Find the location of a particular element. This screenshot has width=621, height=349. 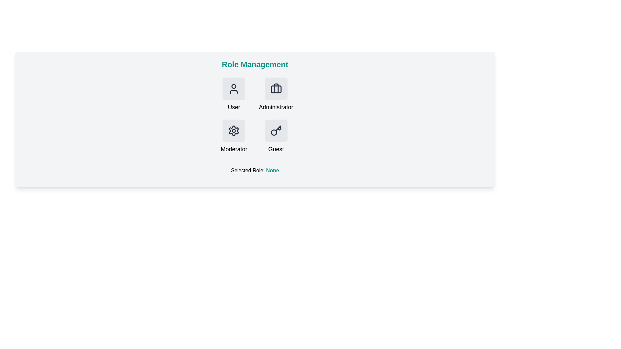

the gear-like icon representing configuration or settings, located in the bottom-left 'Moderator' icon block under 'Role Management' is located at coordinates (234, 131).